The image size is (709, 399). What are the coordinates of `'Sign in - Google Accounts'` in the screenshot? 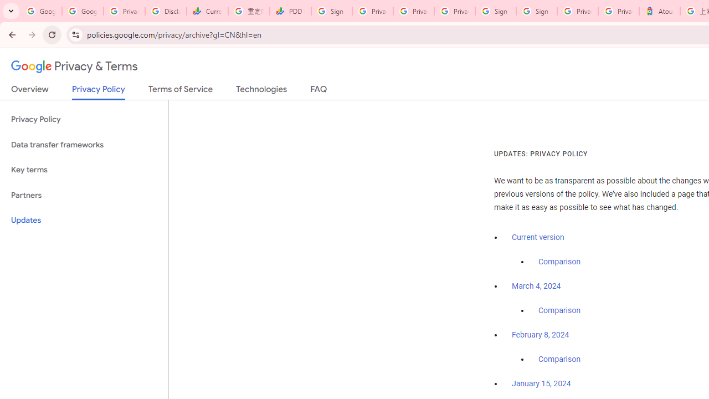 It's located at (495, 11).